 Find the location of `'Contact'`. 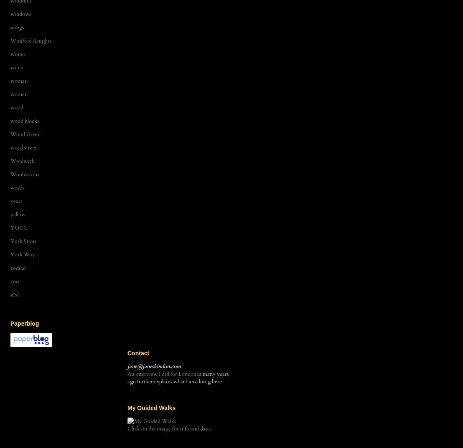

'Contact' is located at coordinates (137, 352).